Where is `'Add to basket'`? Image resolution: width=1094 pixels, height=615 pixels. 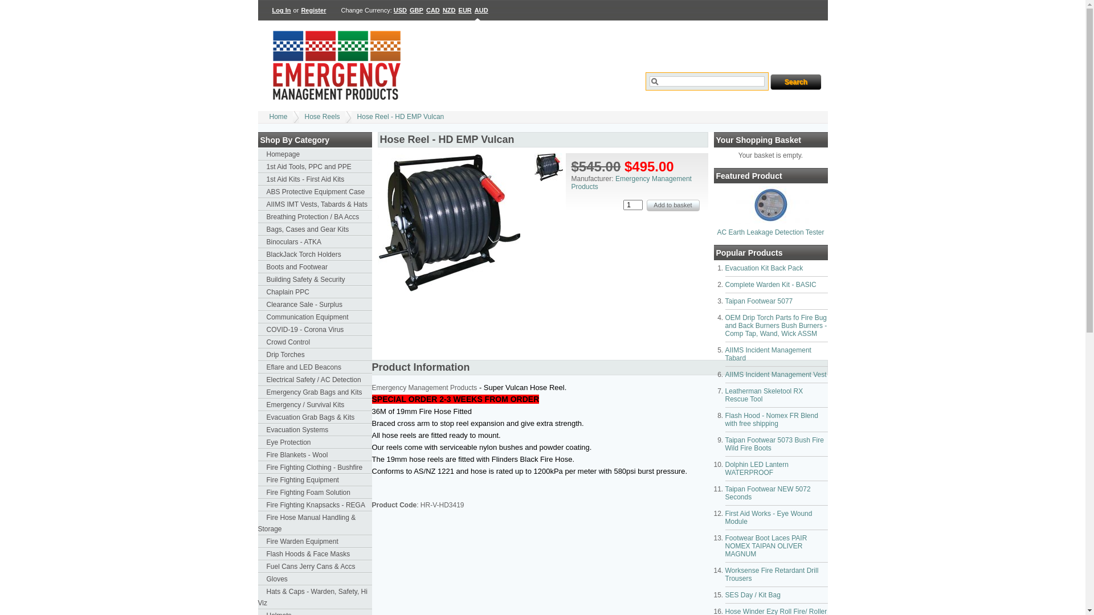
'Add to basket' is located at coordinates (646, 205).